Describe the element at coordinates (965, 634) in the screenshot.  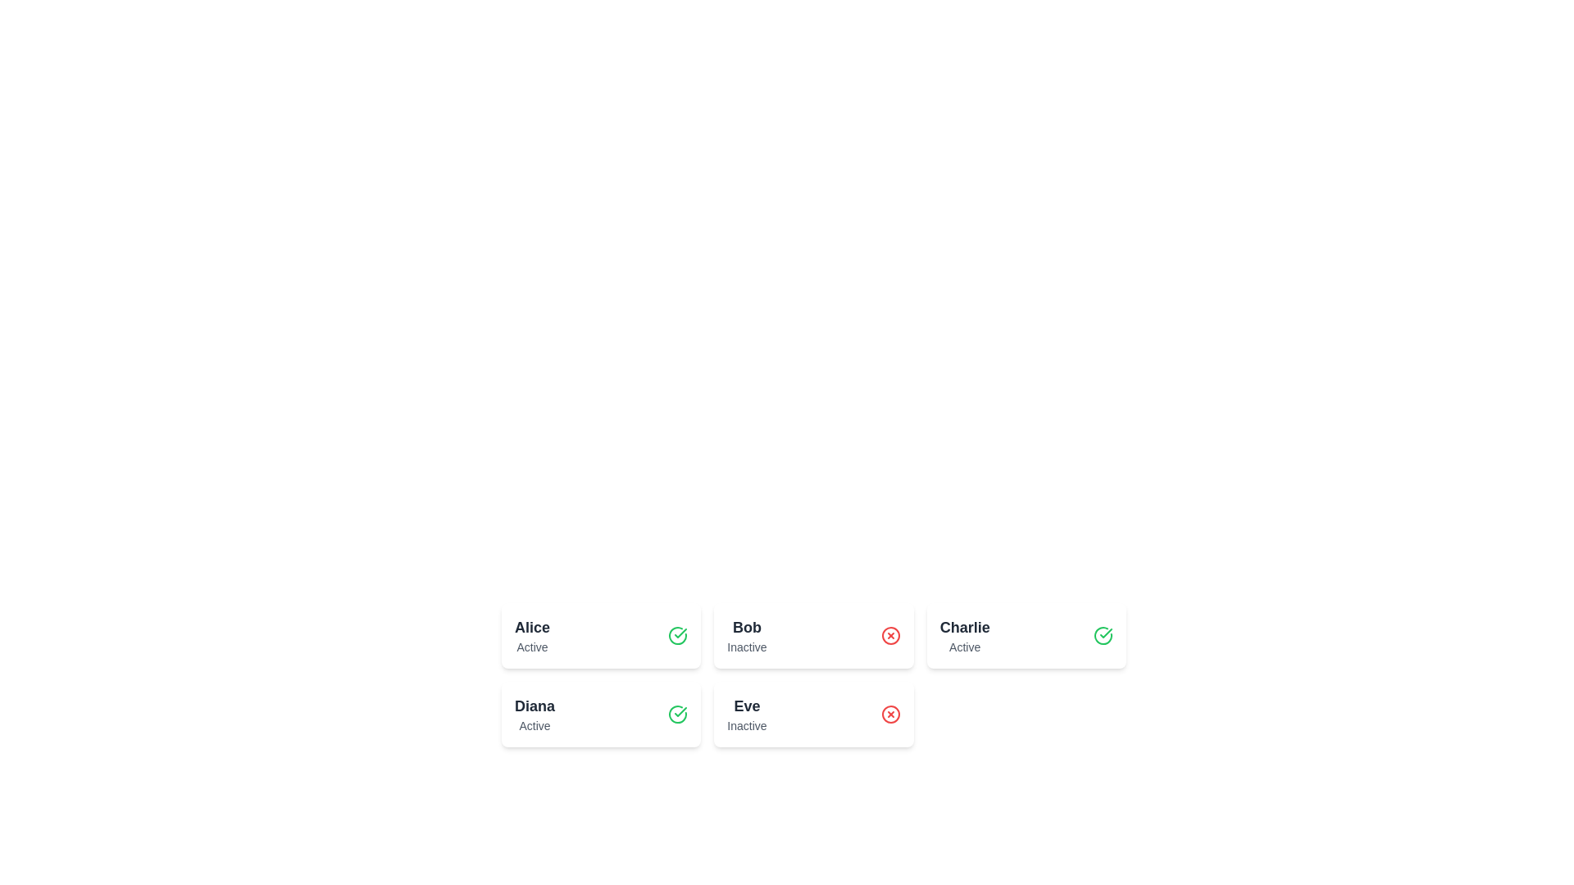
I see `the card displaying the user's name 'Charlie' and status 'Active' in the top-right card of the grid view if it is interactive` at that location.